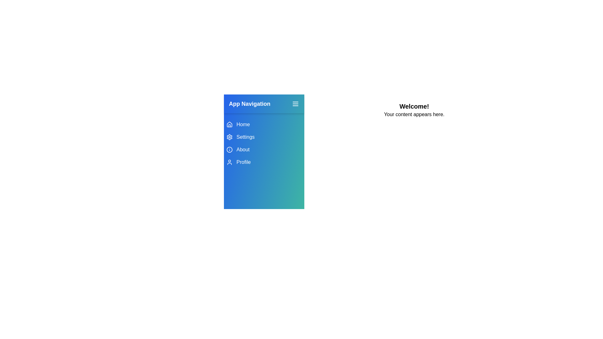 The width and height of the screenshot is (603, 339). I want to click on the menu item About from the drawer, so click(264, 150).